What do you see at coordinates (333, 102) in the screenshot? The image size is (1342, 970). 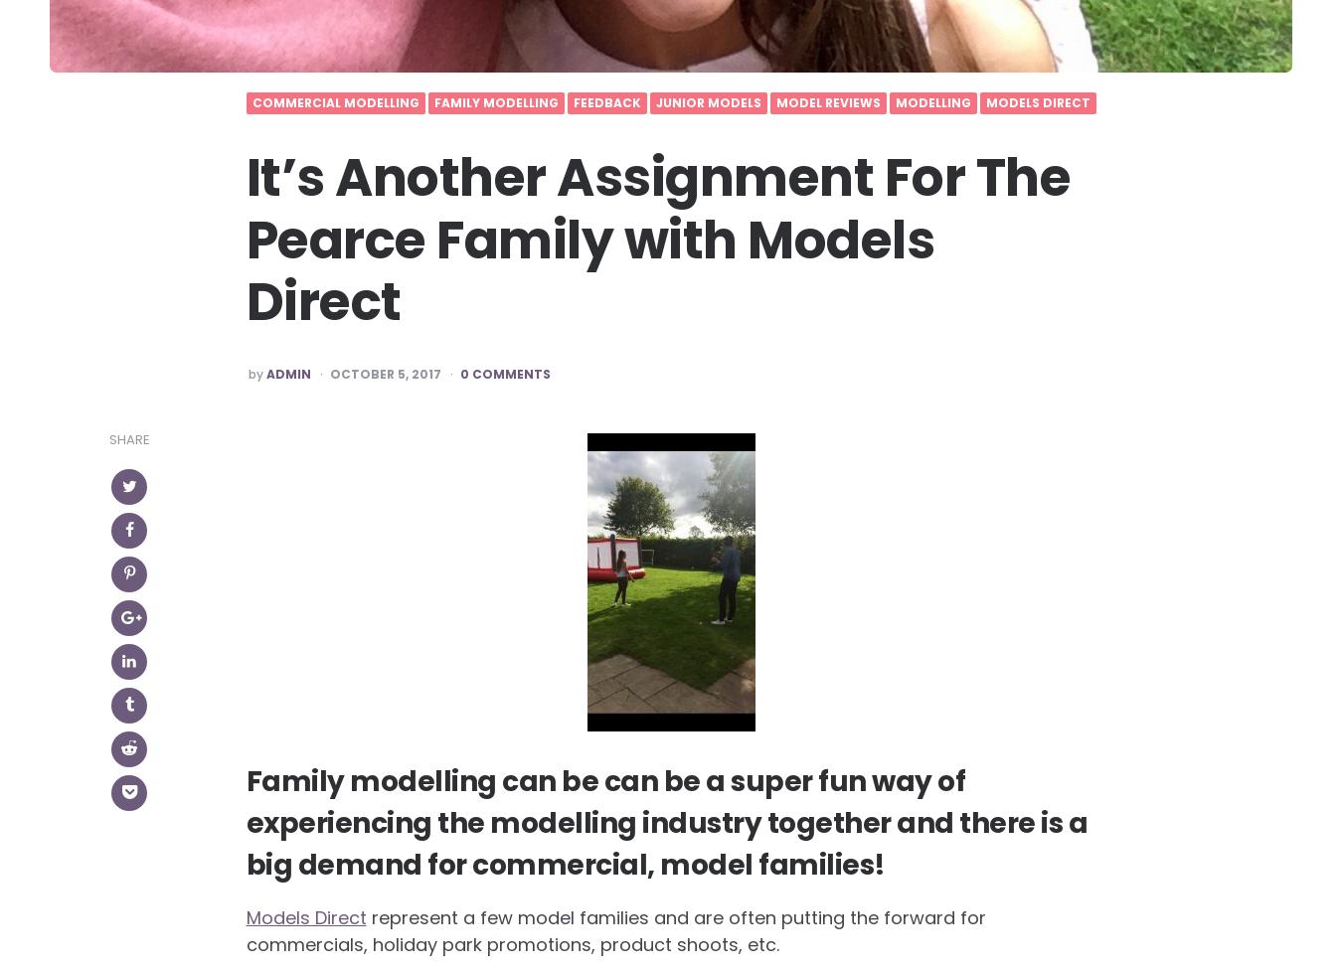 I see `'Commercial Modelling'` at bounding box center [333, 102].